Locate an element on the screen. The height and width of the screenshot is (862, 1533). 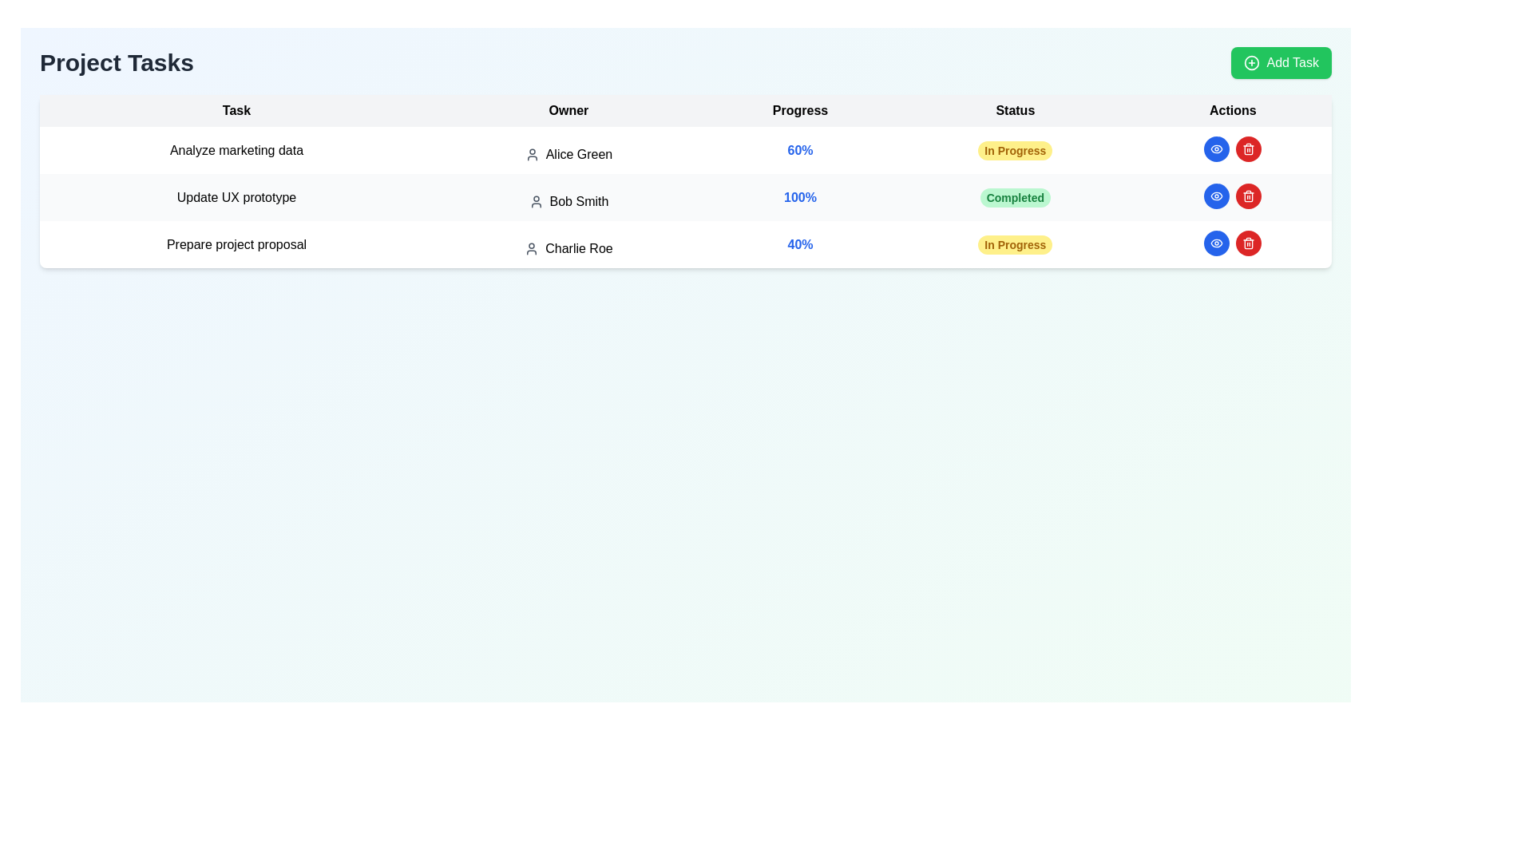
the circular blue button with a white eye icon in the 'Actions' column of the first row is located at coordinates (1215, 148).